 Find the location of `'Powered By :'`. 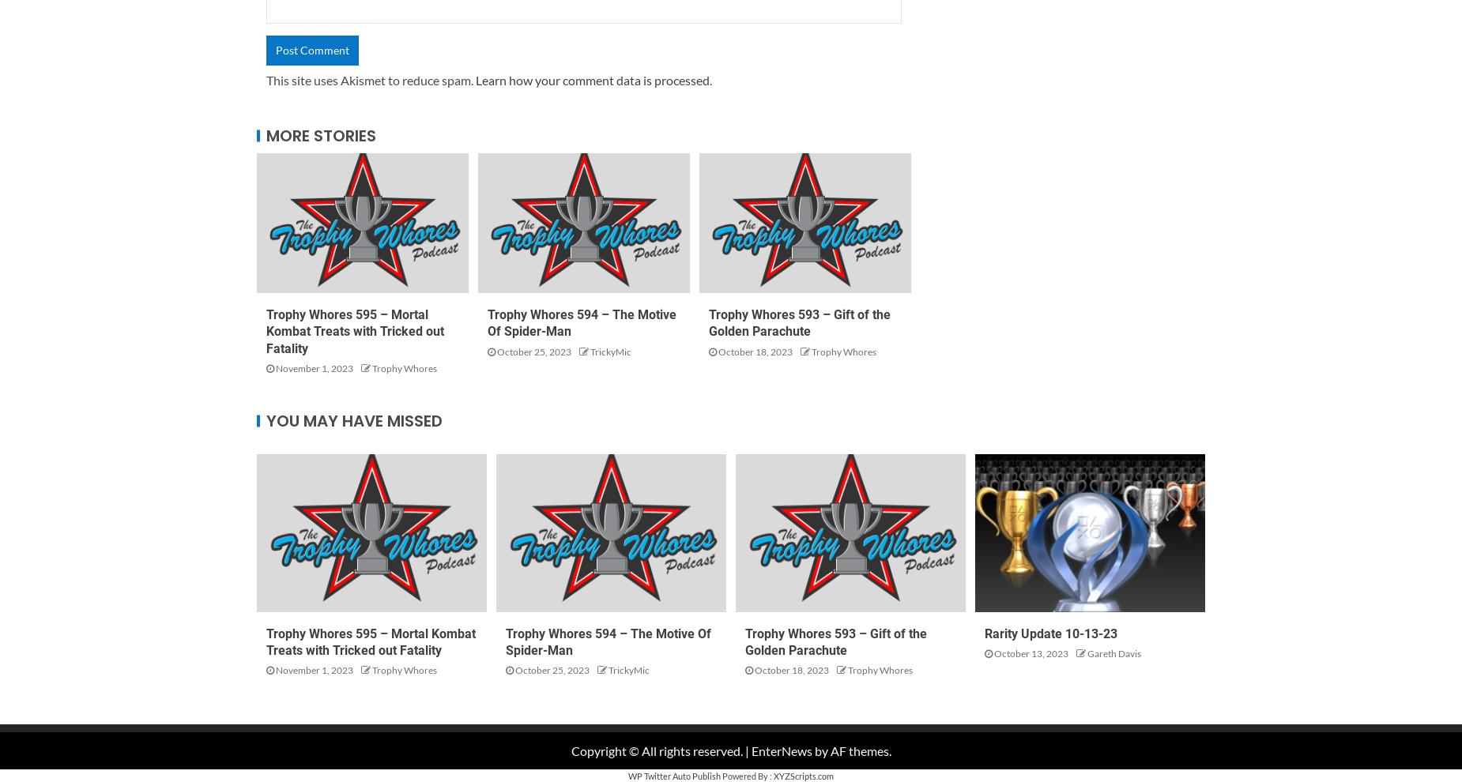

'Powered By :' is located at coordinates (746, 776).